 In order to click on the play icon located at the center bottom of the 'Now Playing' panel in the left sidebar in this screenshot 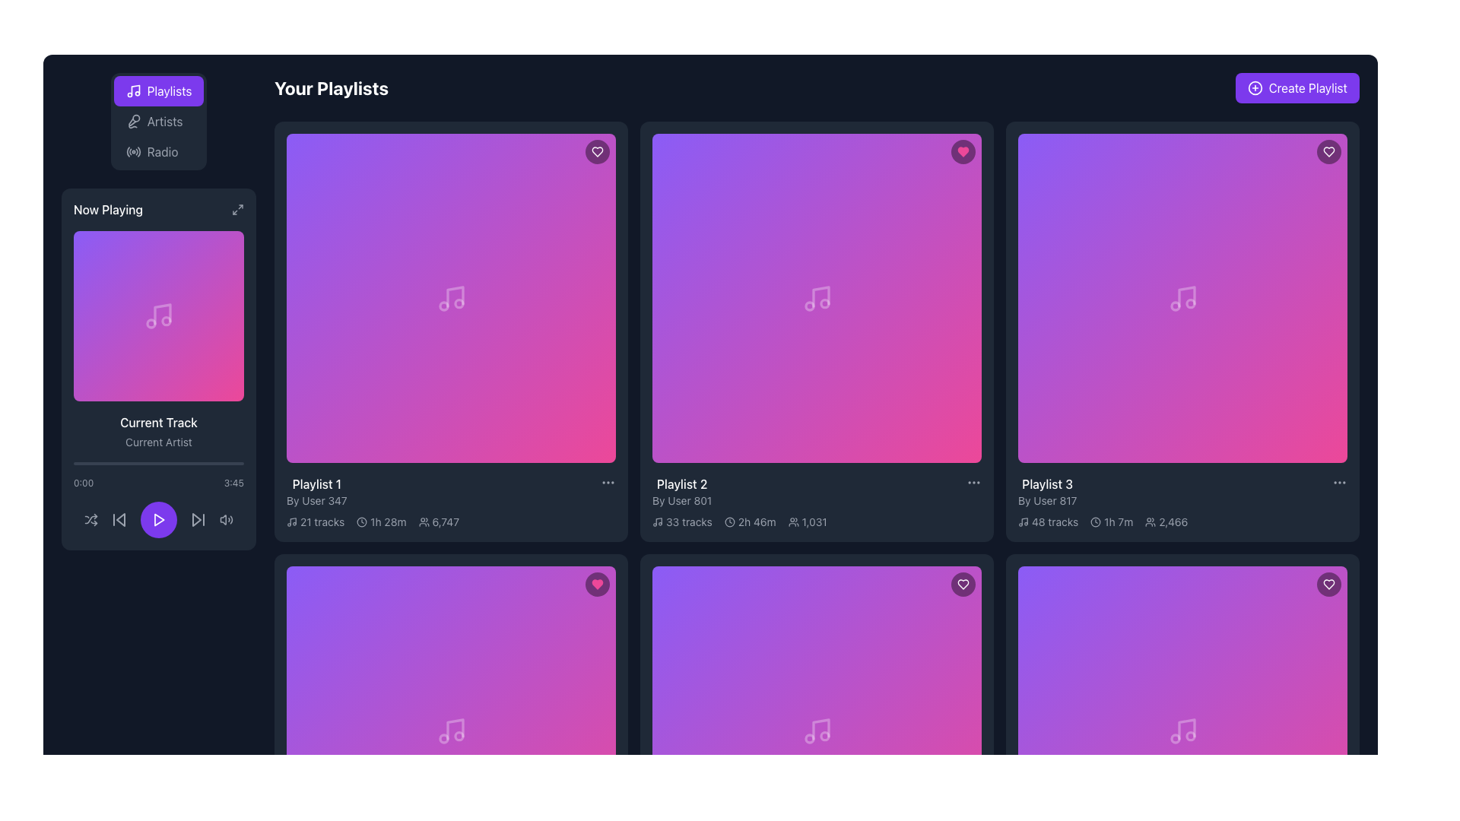, I will do `click(159, 518)`.